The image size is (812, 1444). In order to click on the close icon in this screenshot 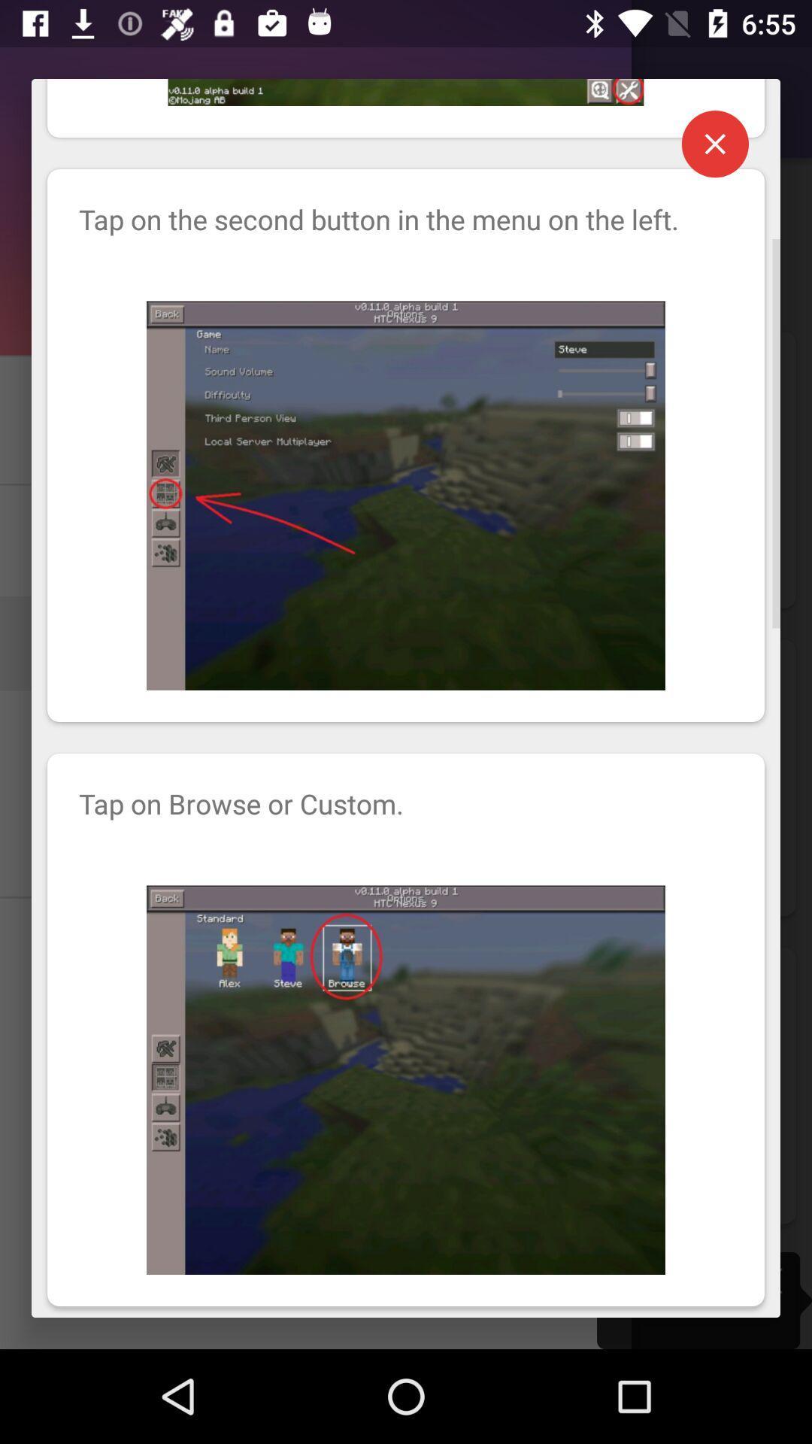, I will do `click(714, 154)`.